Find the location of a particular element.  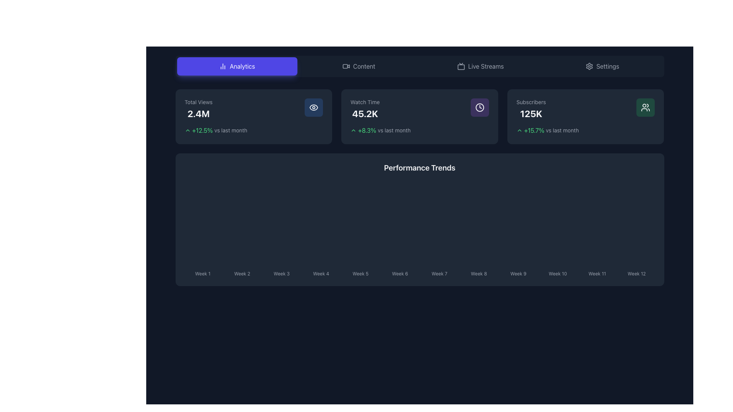

the 'Week 3' text label or indicator is located at coordinates (281, 272).